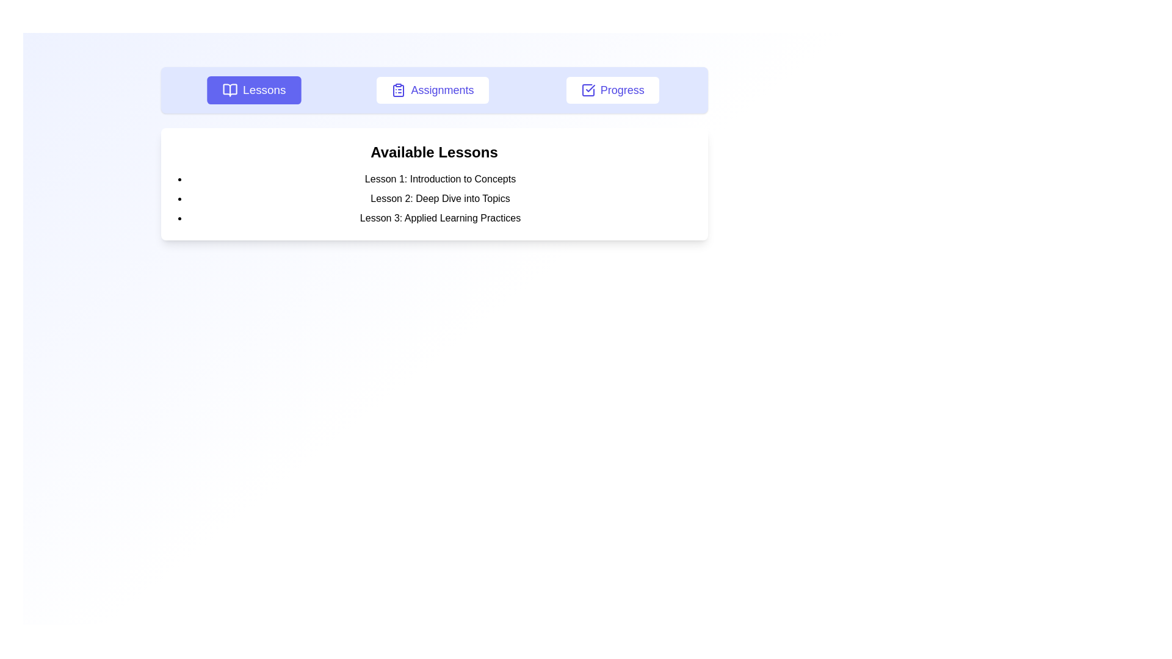 Image resolution: width=1172 pixels, height=659 pixels. I want to click on the 'Progress' button text label located in the main navigation bar to observe hover styles, so click(622, 89).